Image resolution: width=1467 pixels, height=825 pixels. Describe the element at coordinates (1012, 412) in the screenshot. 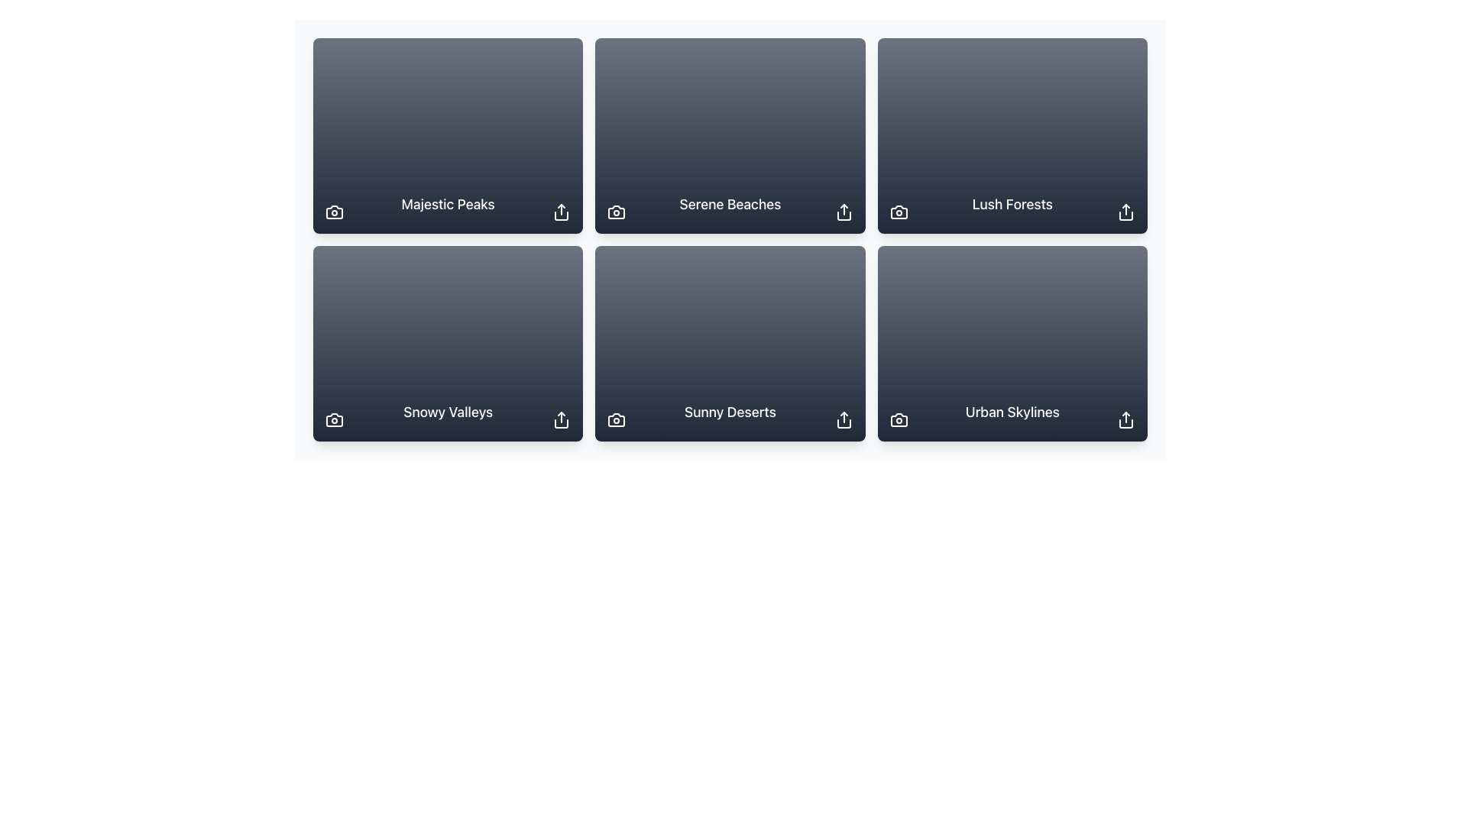

I see `the bottom-centered text label in the last item of a 3x2 grid layout, located in the bottom-right corner of the interface` at that location.